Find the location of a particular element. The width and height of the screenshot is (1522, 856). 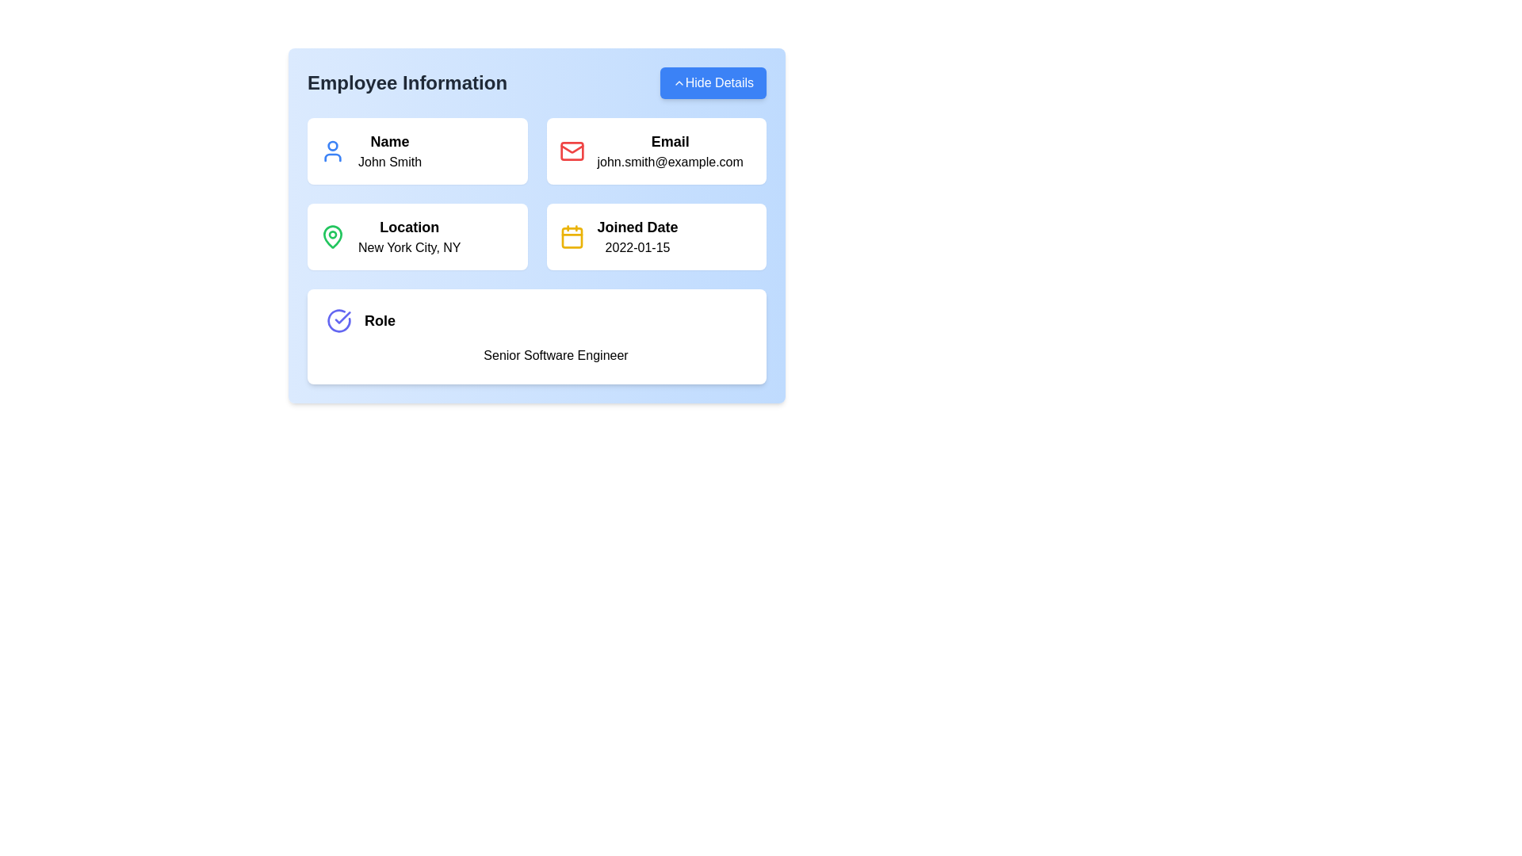

label text that displays 'Name' in bold, larger font, located on the blue card labeled 'Employee Information' above the value 'John Smith' is located at coordinates (390, 140).